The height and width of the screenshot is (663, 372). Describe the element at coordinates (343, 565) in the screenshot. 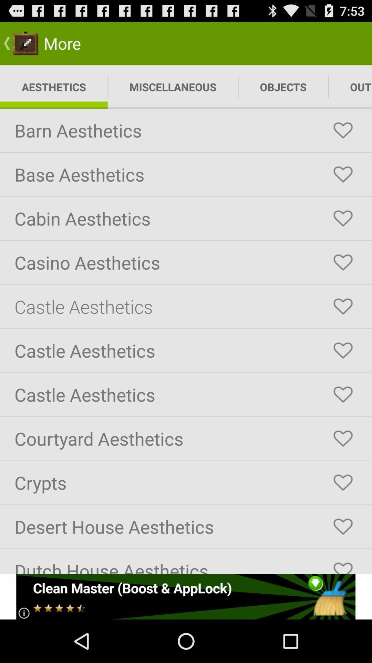

I see `dutch houseaesthetics` at that location.